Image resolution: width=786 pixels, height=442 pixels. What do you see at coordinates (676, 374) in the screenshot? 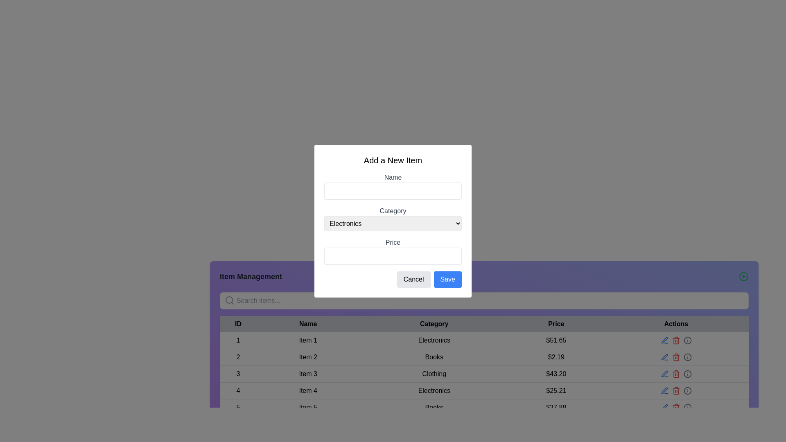
I see `the red trash bin icon in the 'Actions' column of the table, which symbolizes a delete function` at bounding box center [676, 374].